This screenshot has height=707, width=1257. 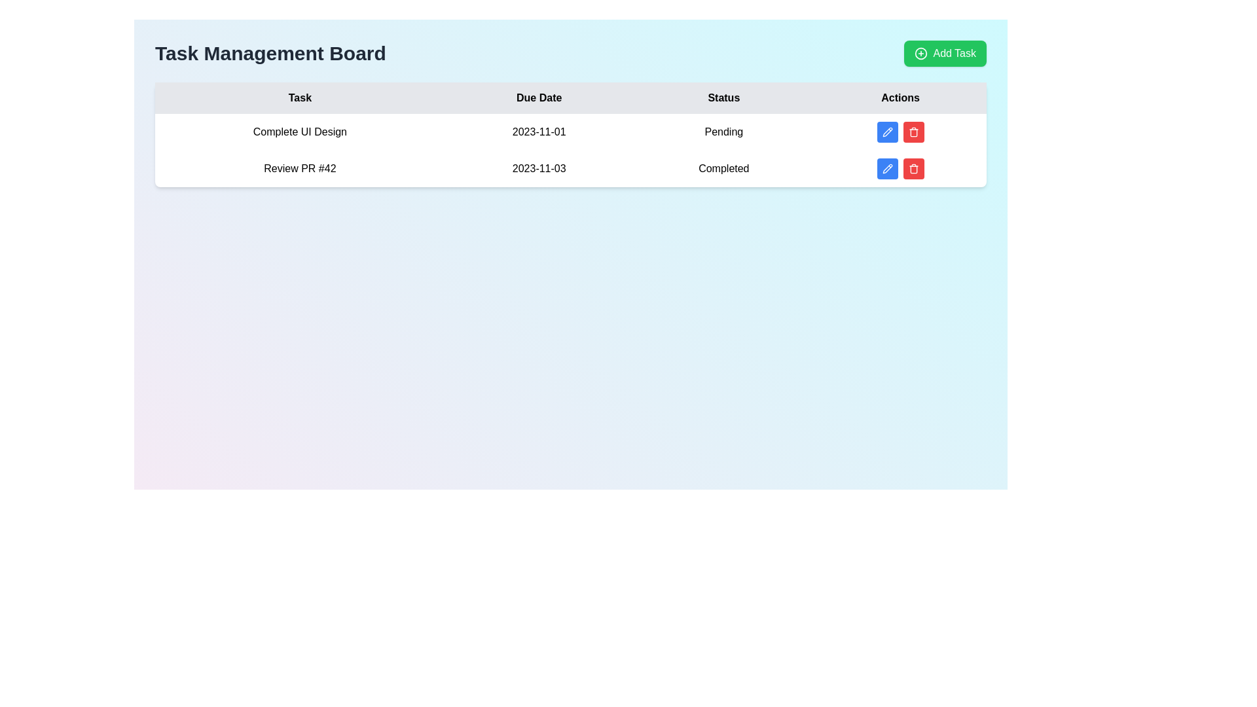 What do you see at coordinates (299, 168) in the screenshot?
I see `the static text label displaying the task titled 'Review PR #42', which is the second entry in the task list under the 'Task' column` at bounding box center [299, 168].